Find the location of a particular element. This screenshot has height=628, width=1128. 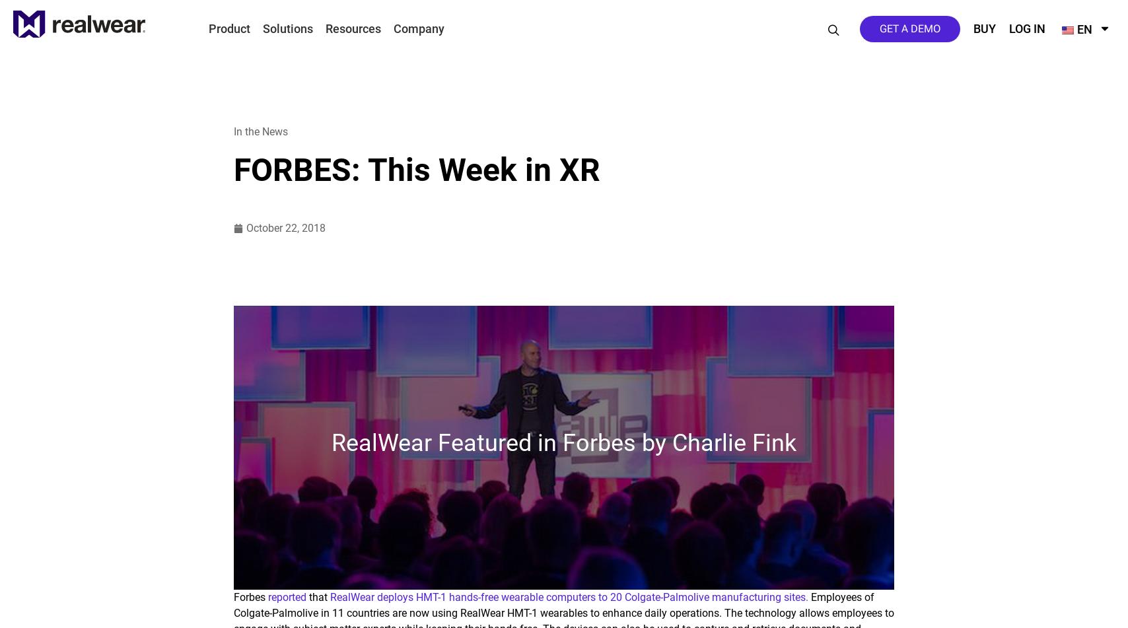

'Forbes' is located at coordinates (251, 596).